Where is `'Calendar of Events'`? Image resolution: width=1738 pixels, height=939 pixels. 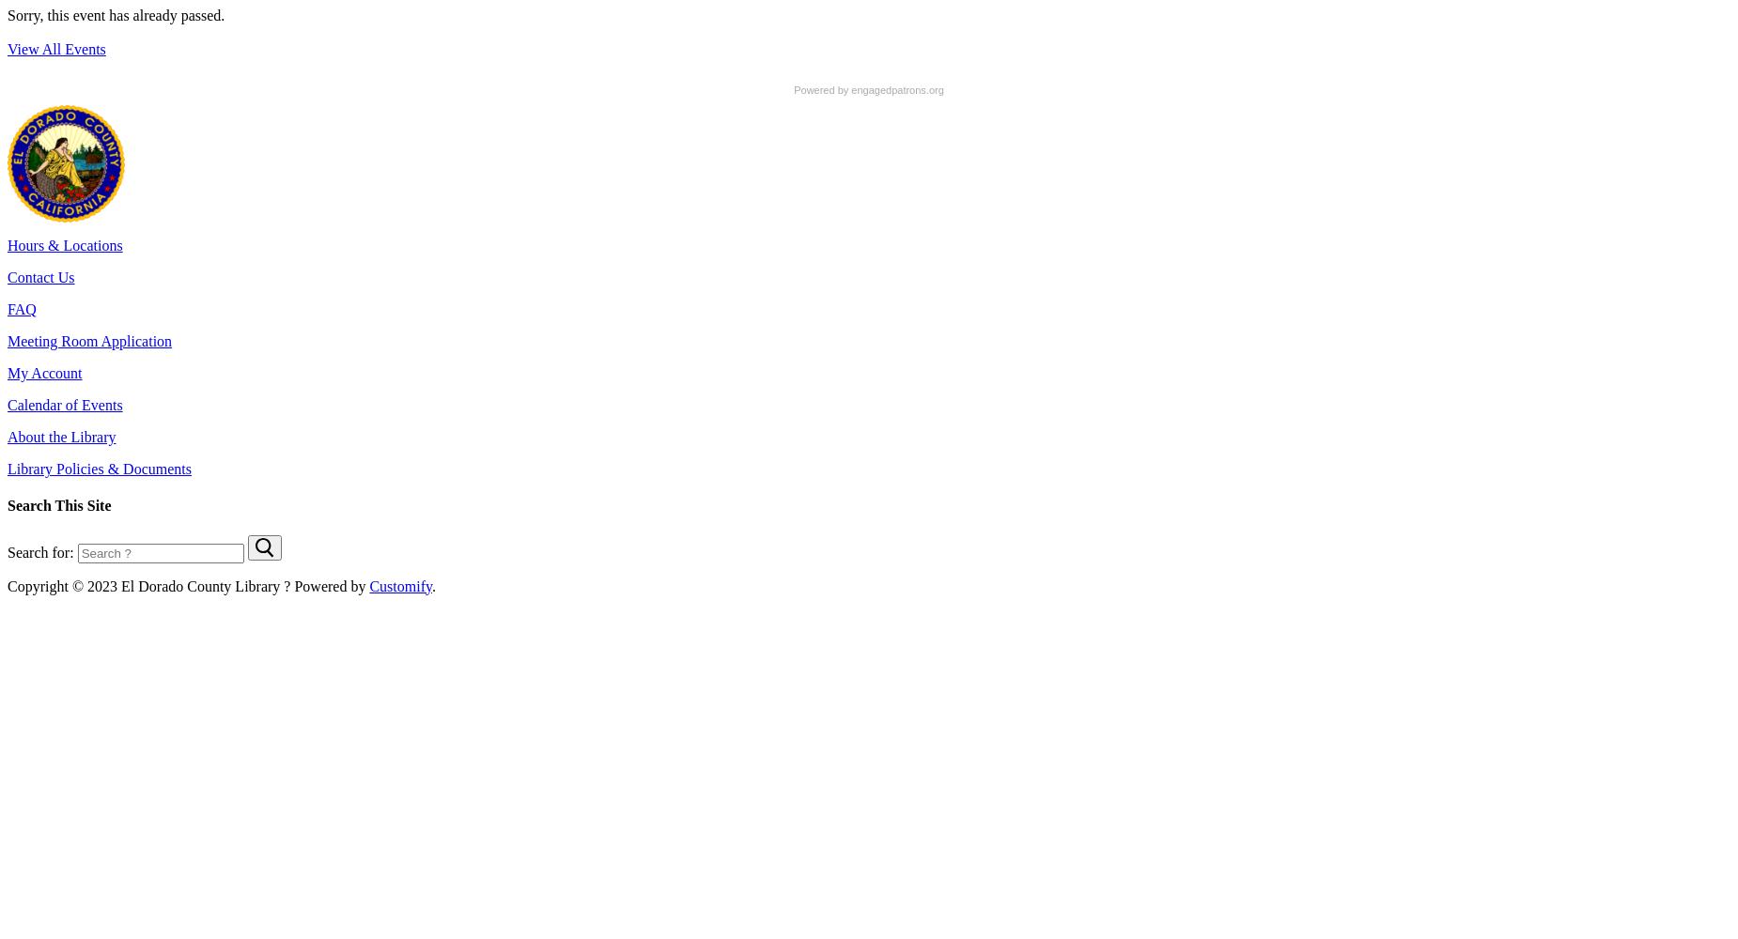 'Calendar of Events' is located at coordinates (64, 405).